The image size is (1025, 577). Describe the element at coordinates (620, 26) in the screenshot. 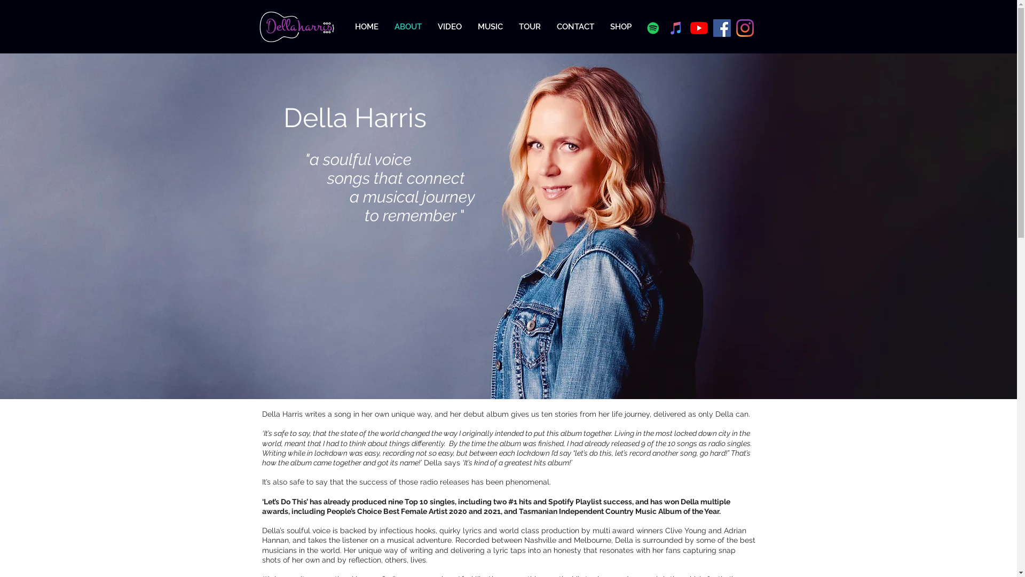

I see `'SHOP'` at that location.